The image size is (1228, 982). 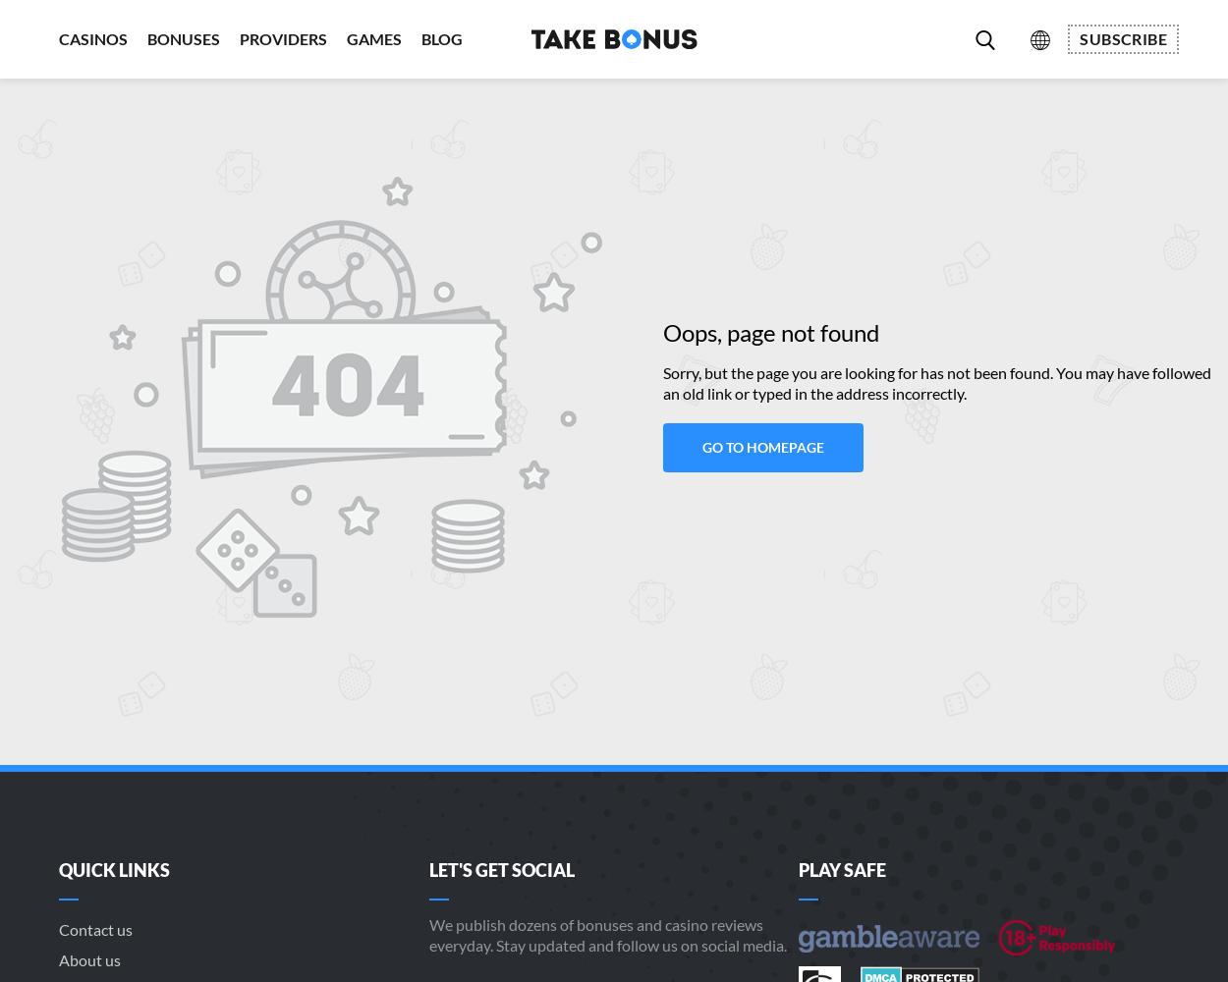 I want to click on 'Casinos', so click(x=59, y=38).